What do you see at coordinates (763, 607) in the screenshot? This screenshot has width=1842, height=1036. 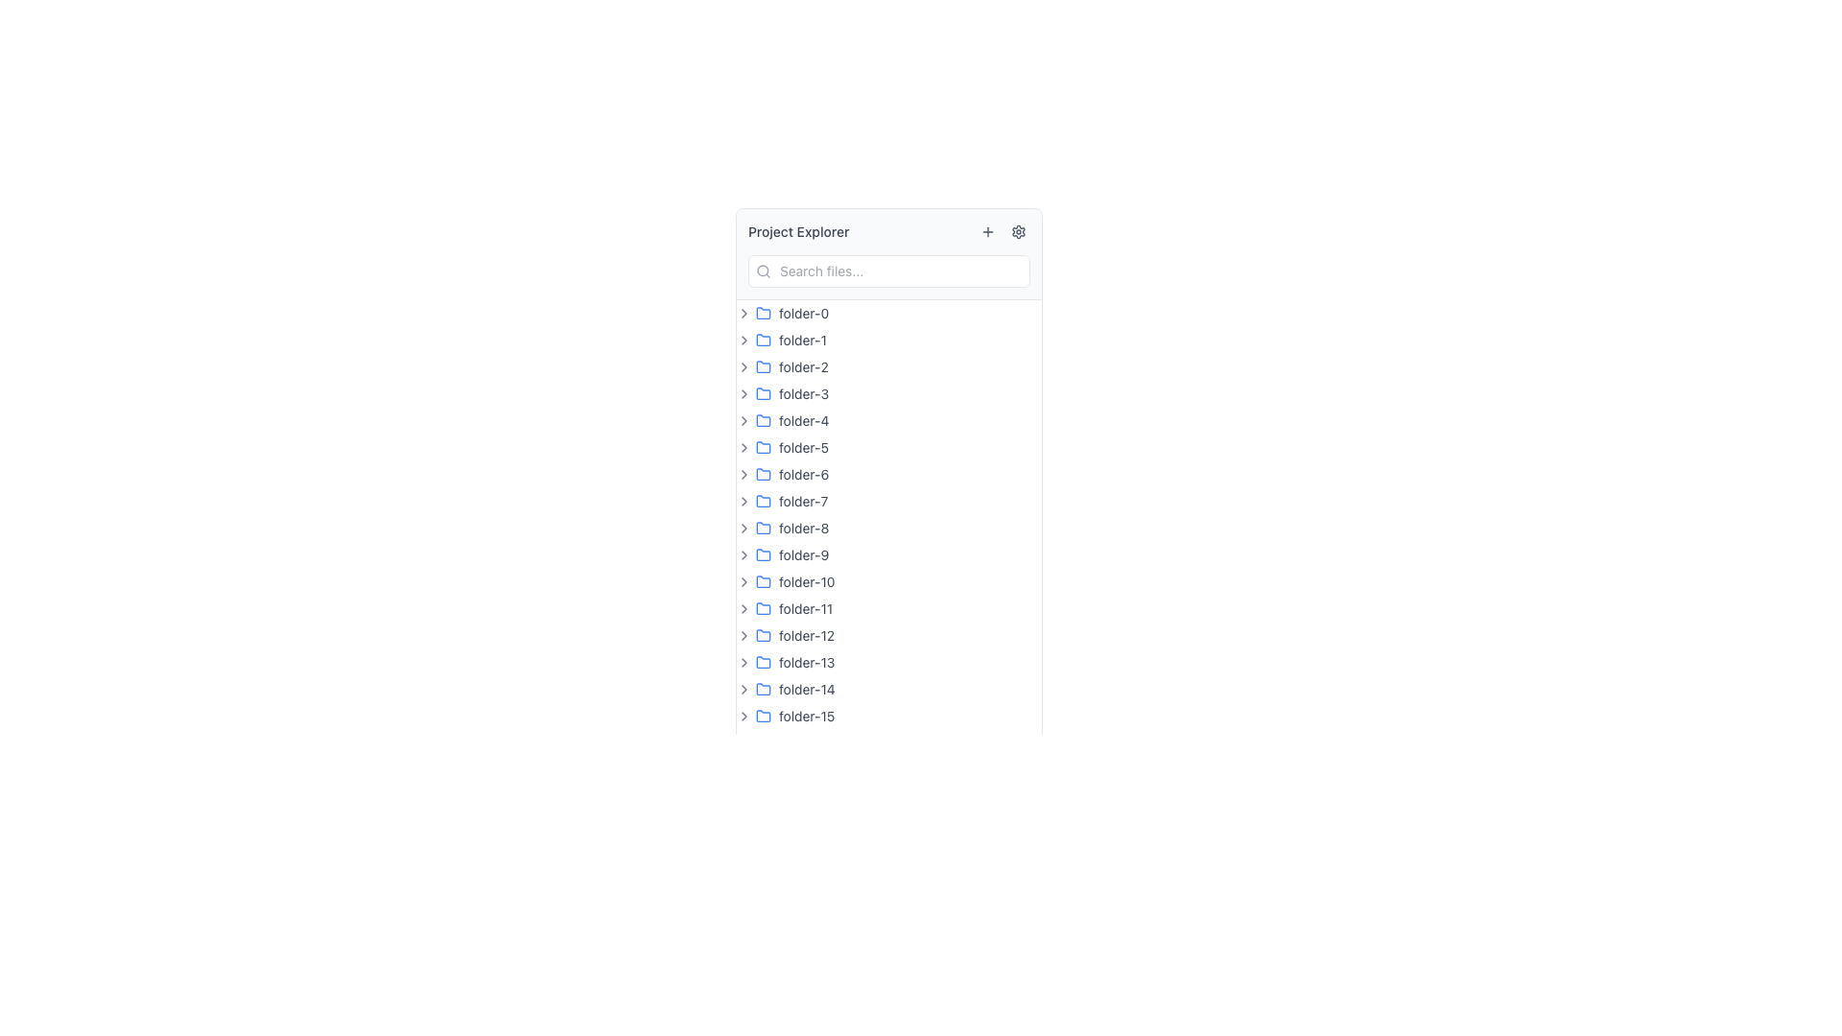 I see `the blue folder icon styled SVG image located to the left of the text label 'folder-11'` at bounding box center [763, 607].